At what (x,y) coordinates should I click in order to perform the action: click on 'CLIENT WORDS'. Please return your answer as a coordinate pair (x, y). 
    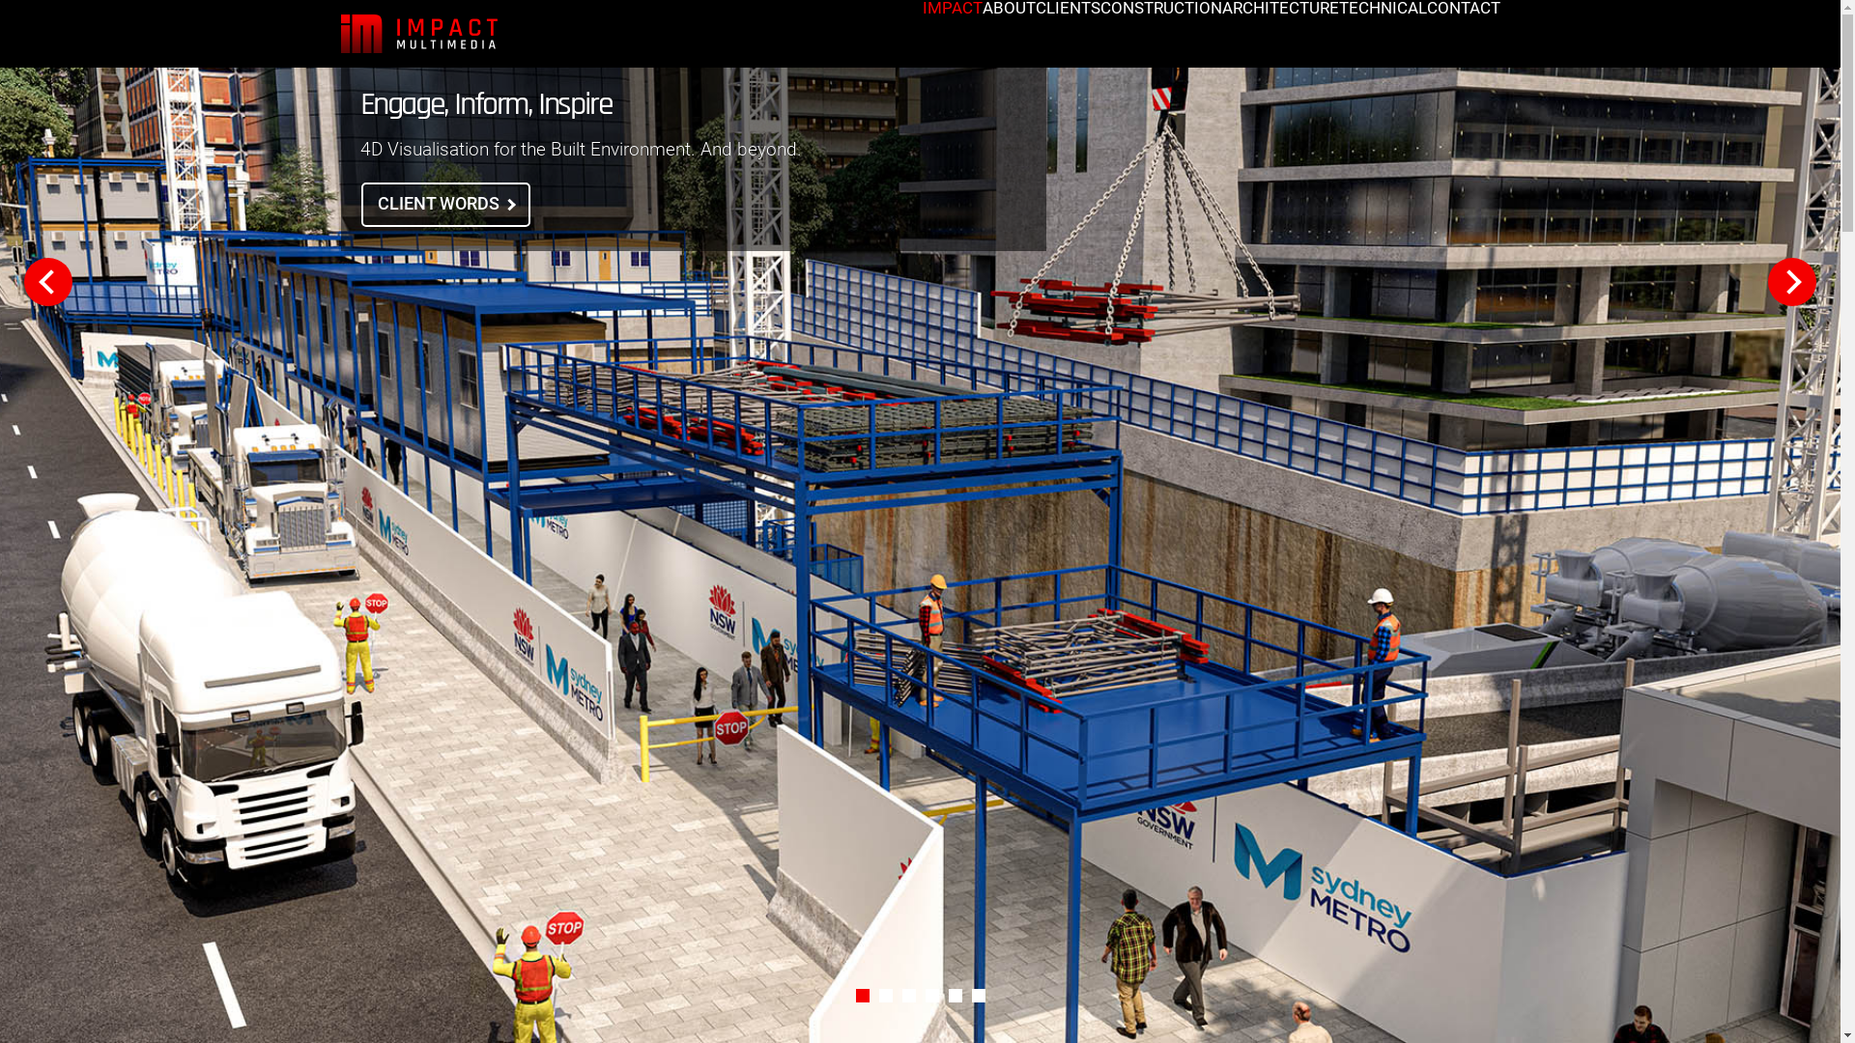
    Looking at the image, I should click on (444, 205).